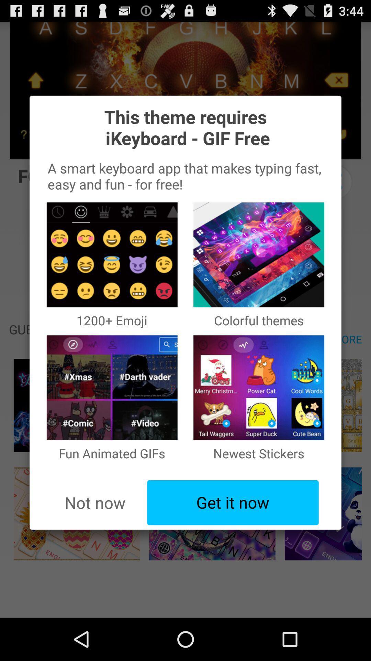  What do you see at coordinates (95, 503) in the screenshot?
I see `the not now` at bounding box center [95, 503].